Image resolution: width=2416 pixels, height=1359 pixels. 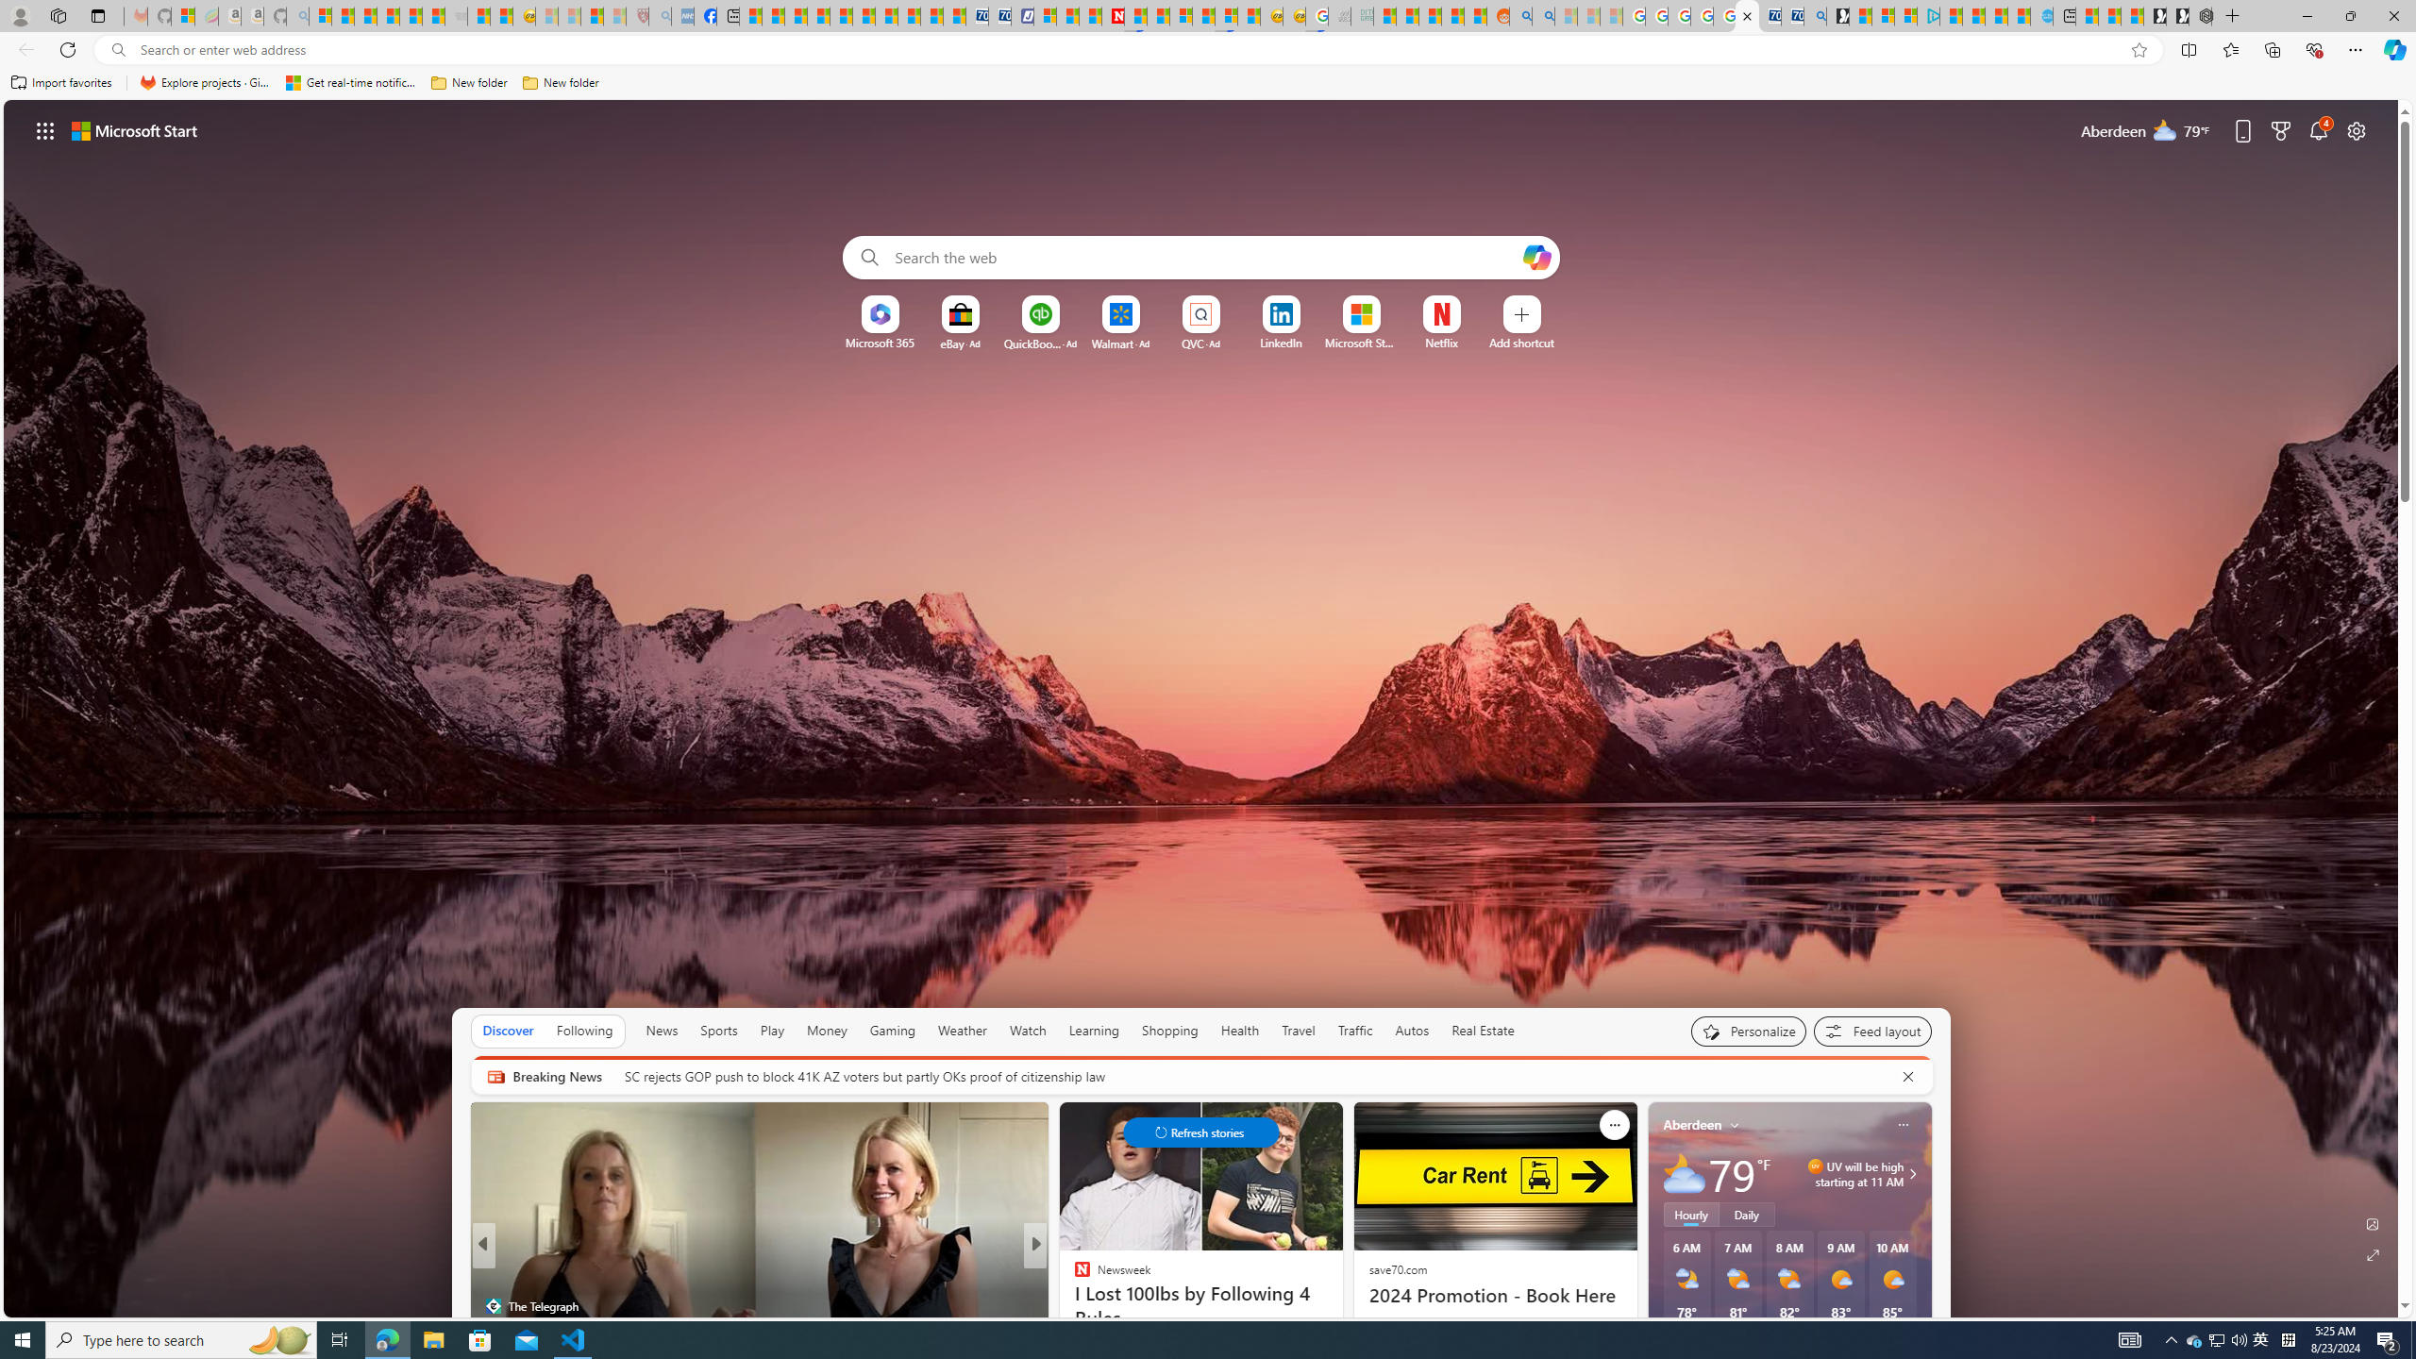 I want to click on 'Money', so click(x=827, y=1030).